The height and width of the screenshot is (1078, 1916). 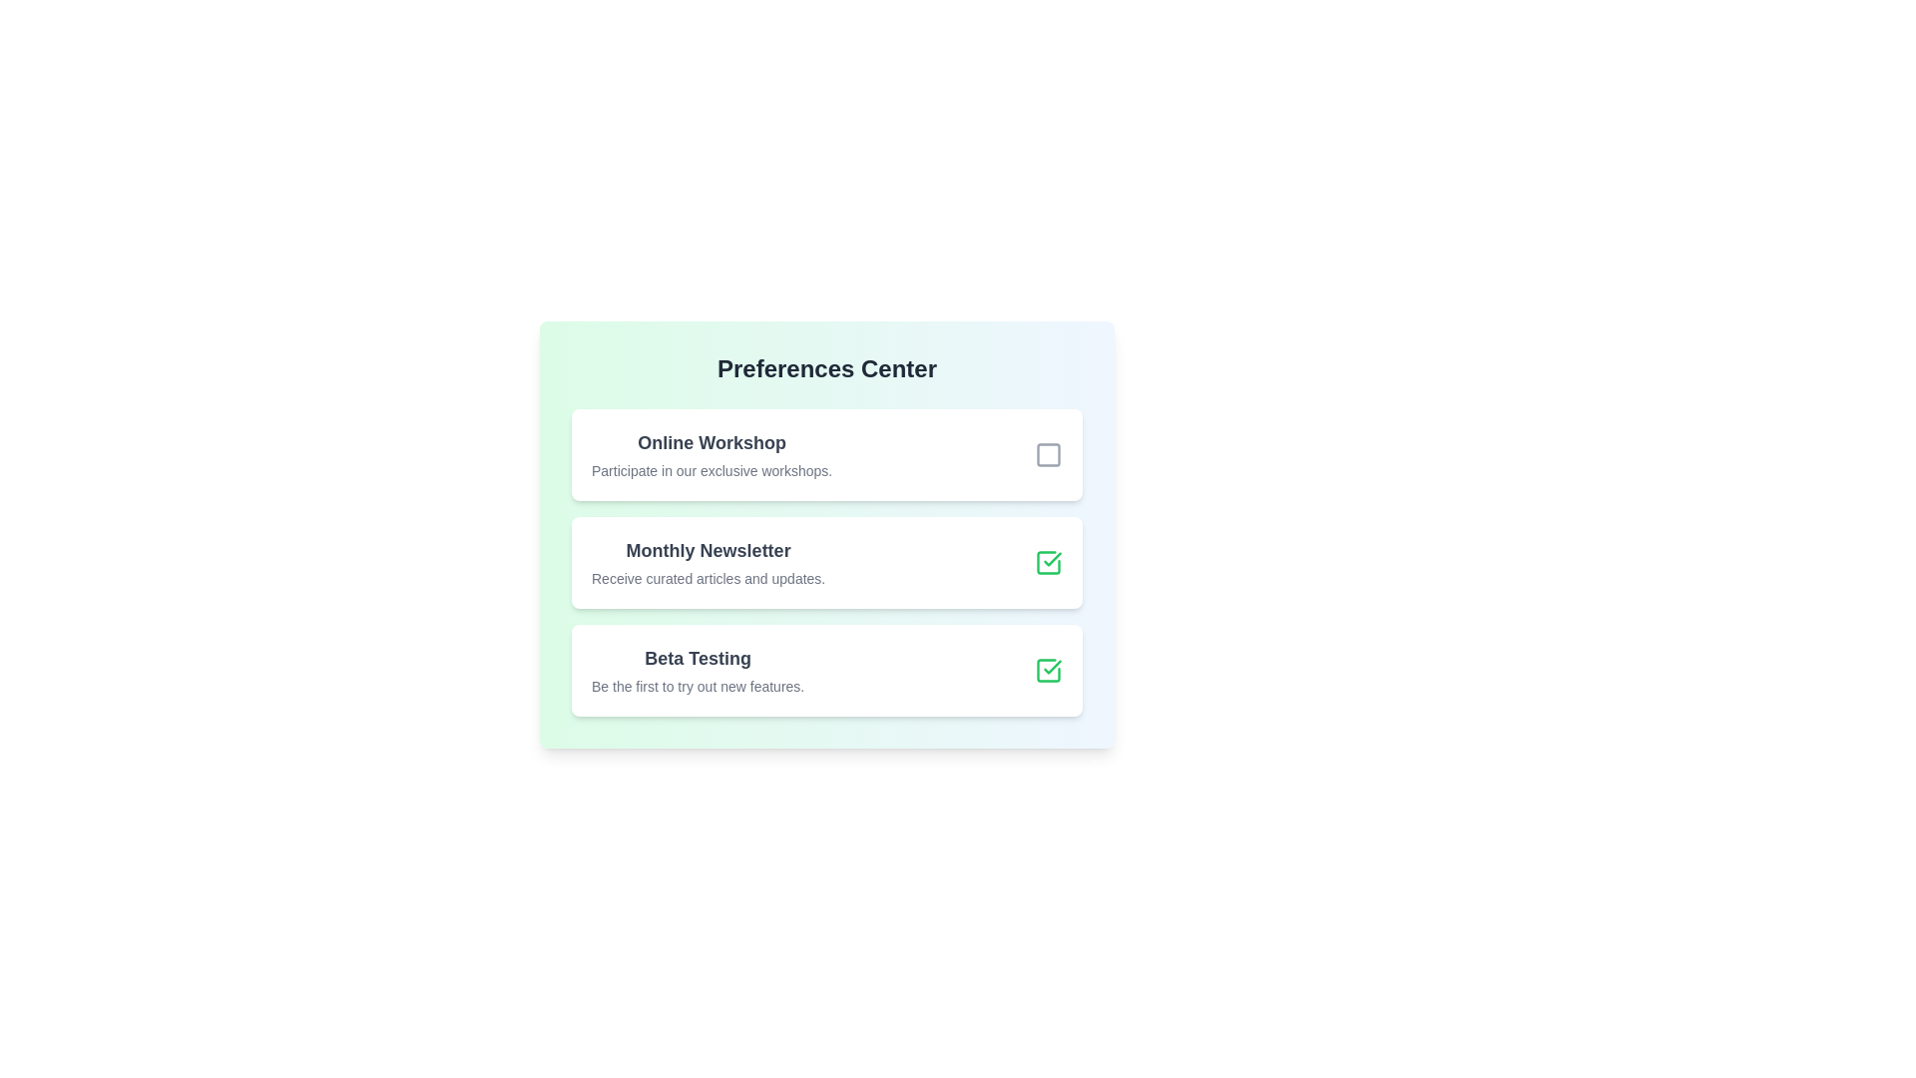 What do you see at coordinates (827, 369) in the screenshot?
I see `the 'Preferences Center' heading, which is a large, bold text displayed at the top of the card with a gradient background` at bounding box center [827, 369].